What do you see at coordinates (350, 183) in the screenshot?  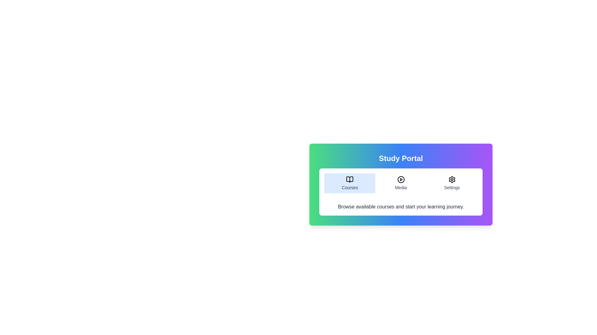 I see `the Courses tab` at bounding box center [350, 183].